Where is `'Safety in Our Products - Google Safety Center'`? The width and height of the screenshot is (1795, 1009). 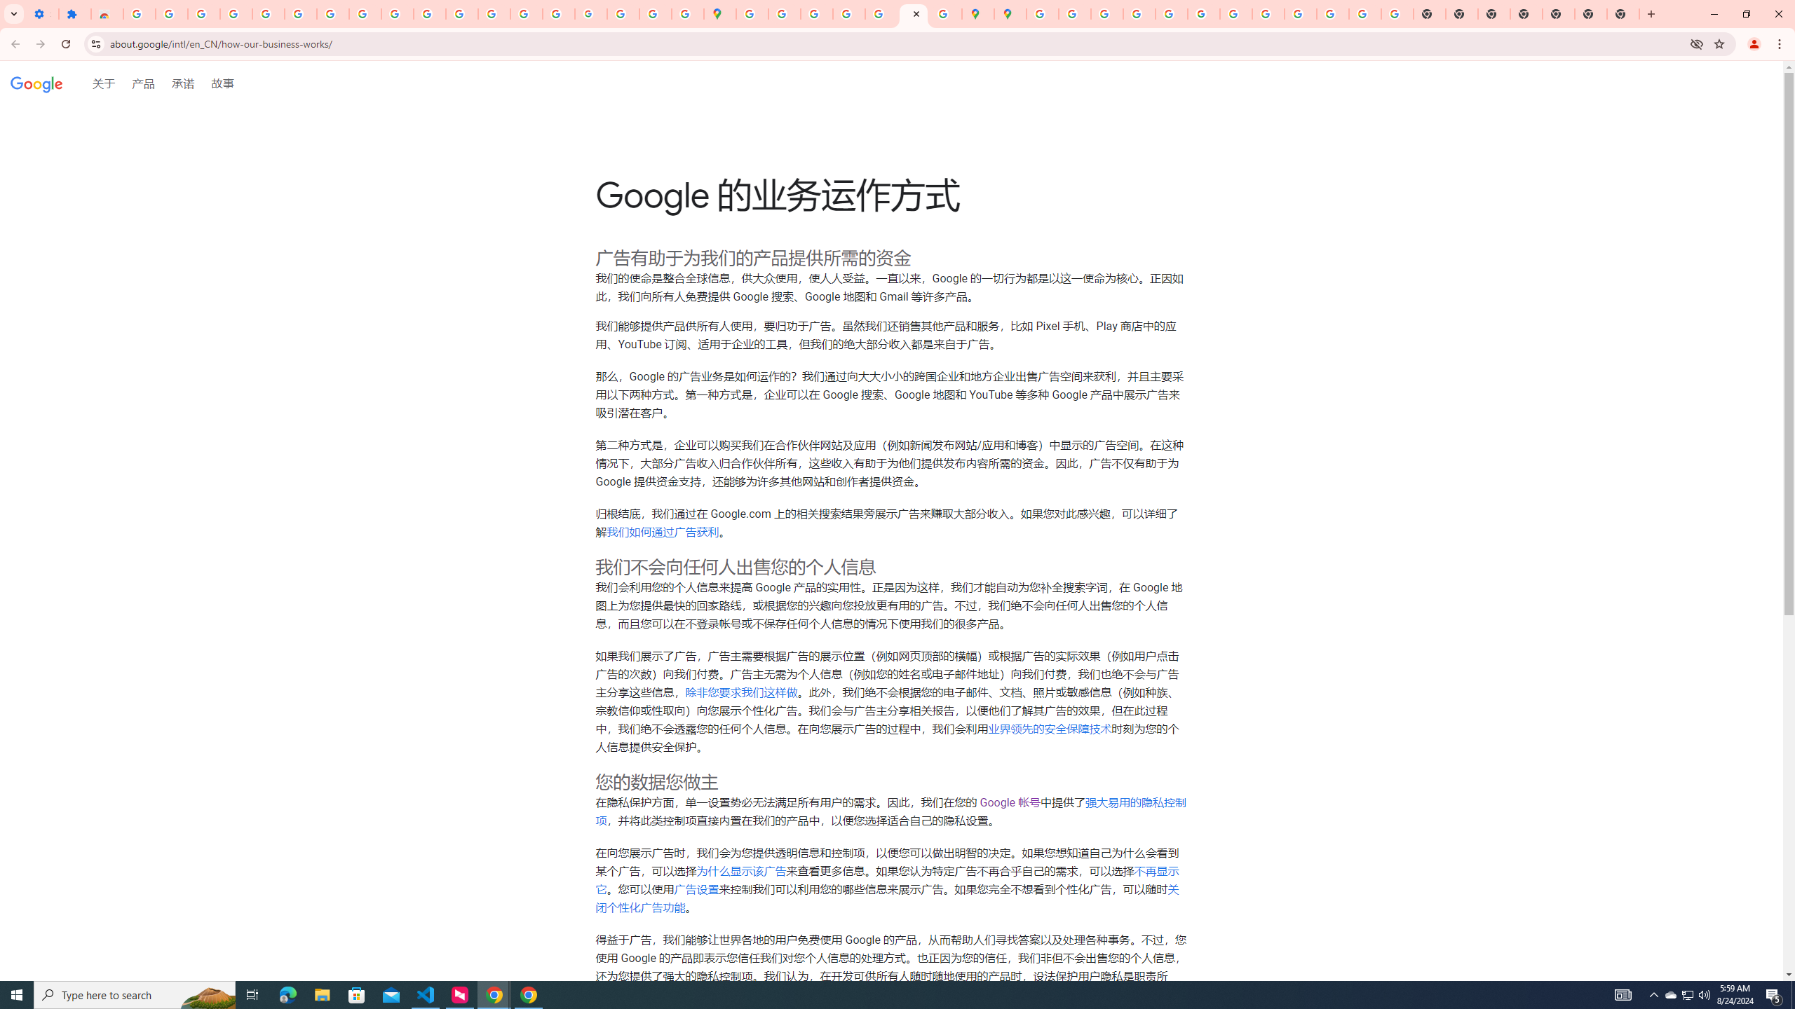 'Safety in Our Products - Google Safety Center' is located at coordinates (944, 13).